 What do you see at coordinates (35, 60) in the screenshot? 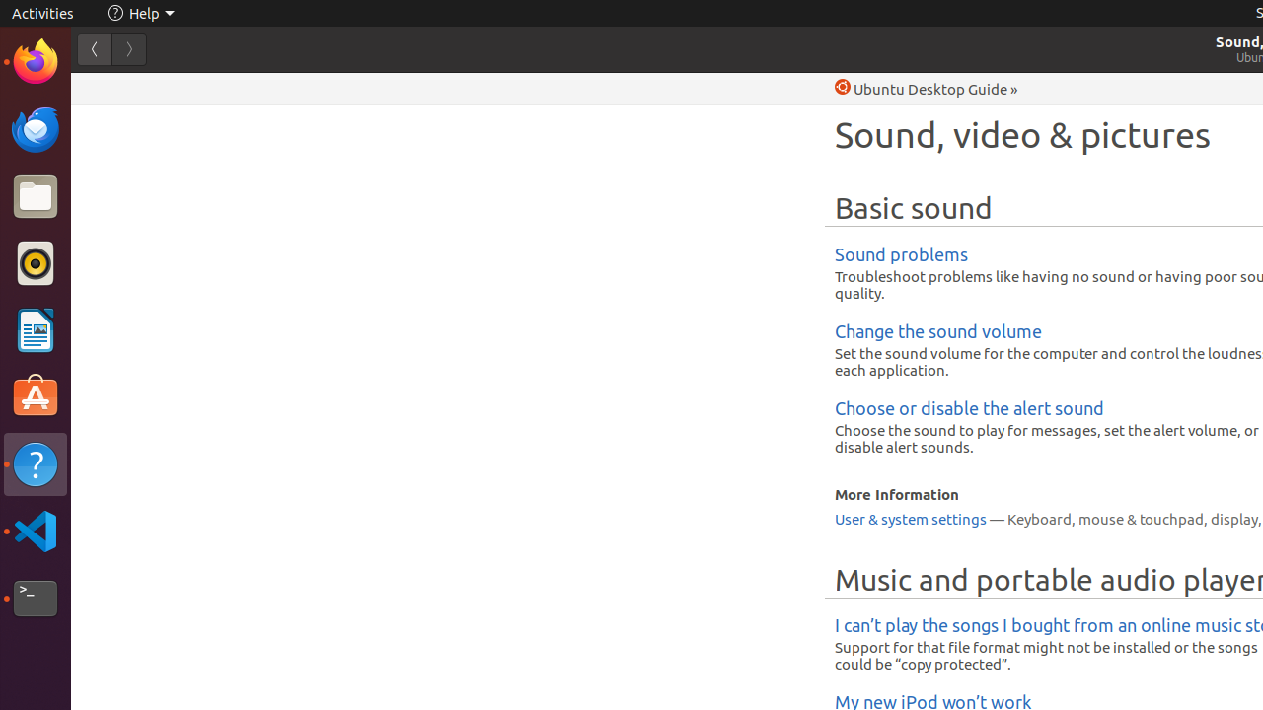
I see `'Firefox Web Browser'` at bounding box center [35, 60].